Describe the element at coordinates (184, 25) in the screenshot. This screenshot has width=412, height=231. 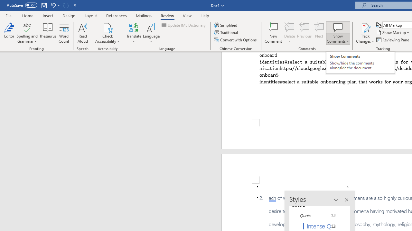
I see `'Update IME Dictionary...'` at that location.